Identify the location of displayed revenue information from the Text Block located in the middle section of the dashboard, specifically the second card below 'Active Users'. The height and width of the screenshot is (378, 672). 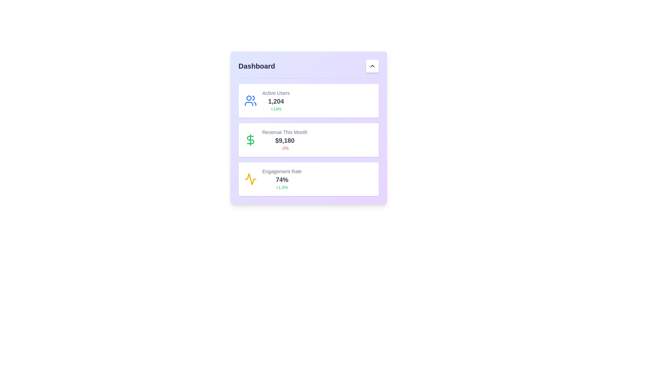
(285, 140).